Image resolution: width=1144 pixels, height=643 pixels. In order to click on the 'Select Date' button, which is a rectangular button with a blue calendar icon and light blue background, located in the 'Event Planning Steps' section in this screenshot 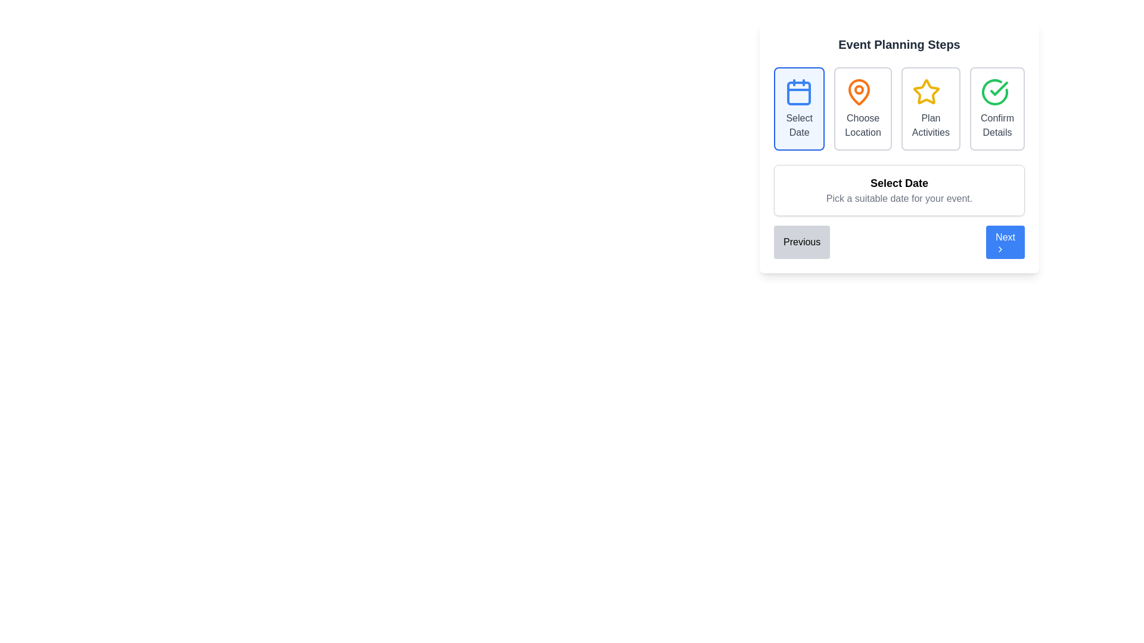, I will do `click(799, 108)`.